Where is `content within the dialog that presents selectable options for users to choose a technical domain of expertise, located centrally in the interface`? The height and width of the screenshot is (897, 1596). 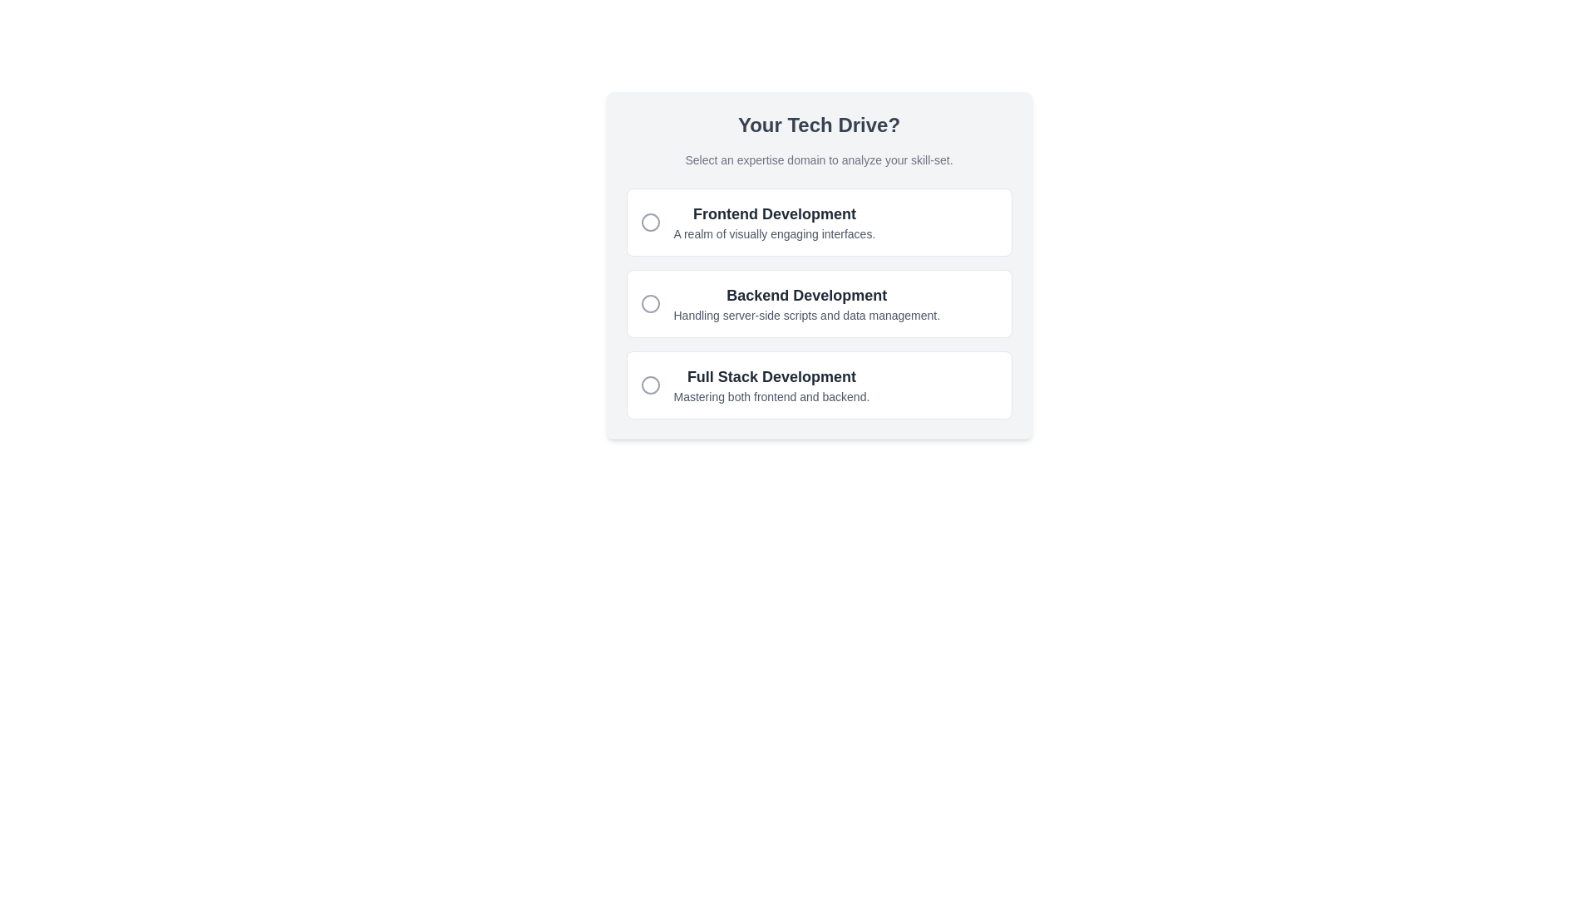 content within the dialog that presents selectable options for users to choose a technical domain of expertise, located centrally in the interface is located at coordinates (819, 265).